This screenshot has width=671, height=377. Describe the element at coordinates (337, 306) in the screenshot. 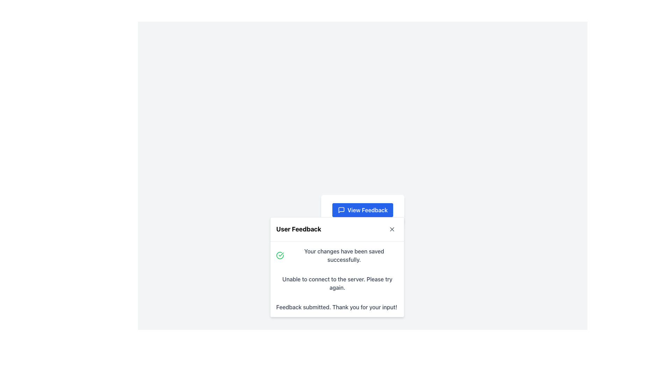

I see `success message from the static text label located at the bottom of the 'User Feedback' dialog box` at that location.